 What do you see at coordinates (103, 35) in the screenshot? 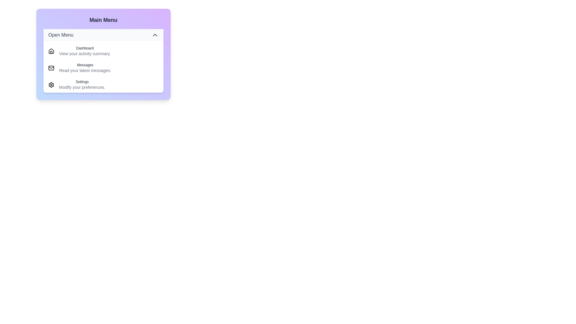
I see `the toggle button to close the menu` at bounding box center [103, 35].